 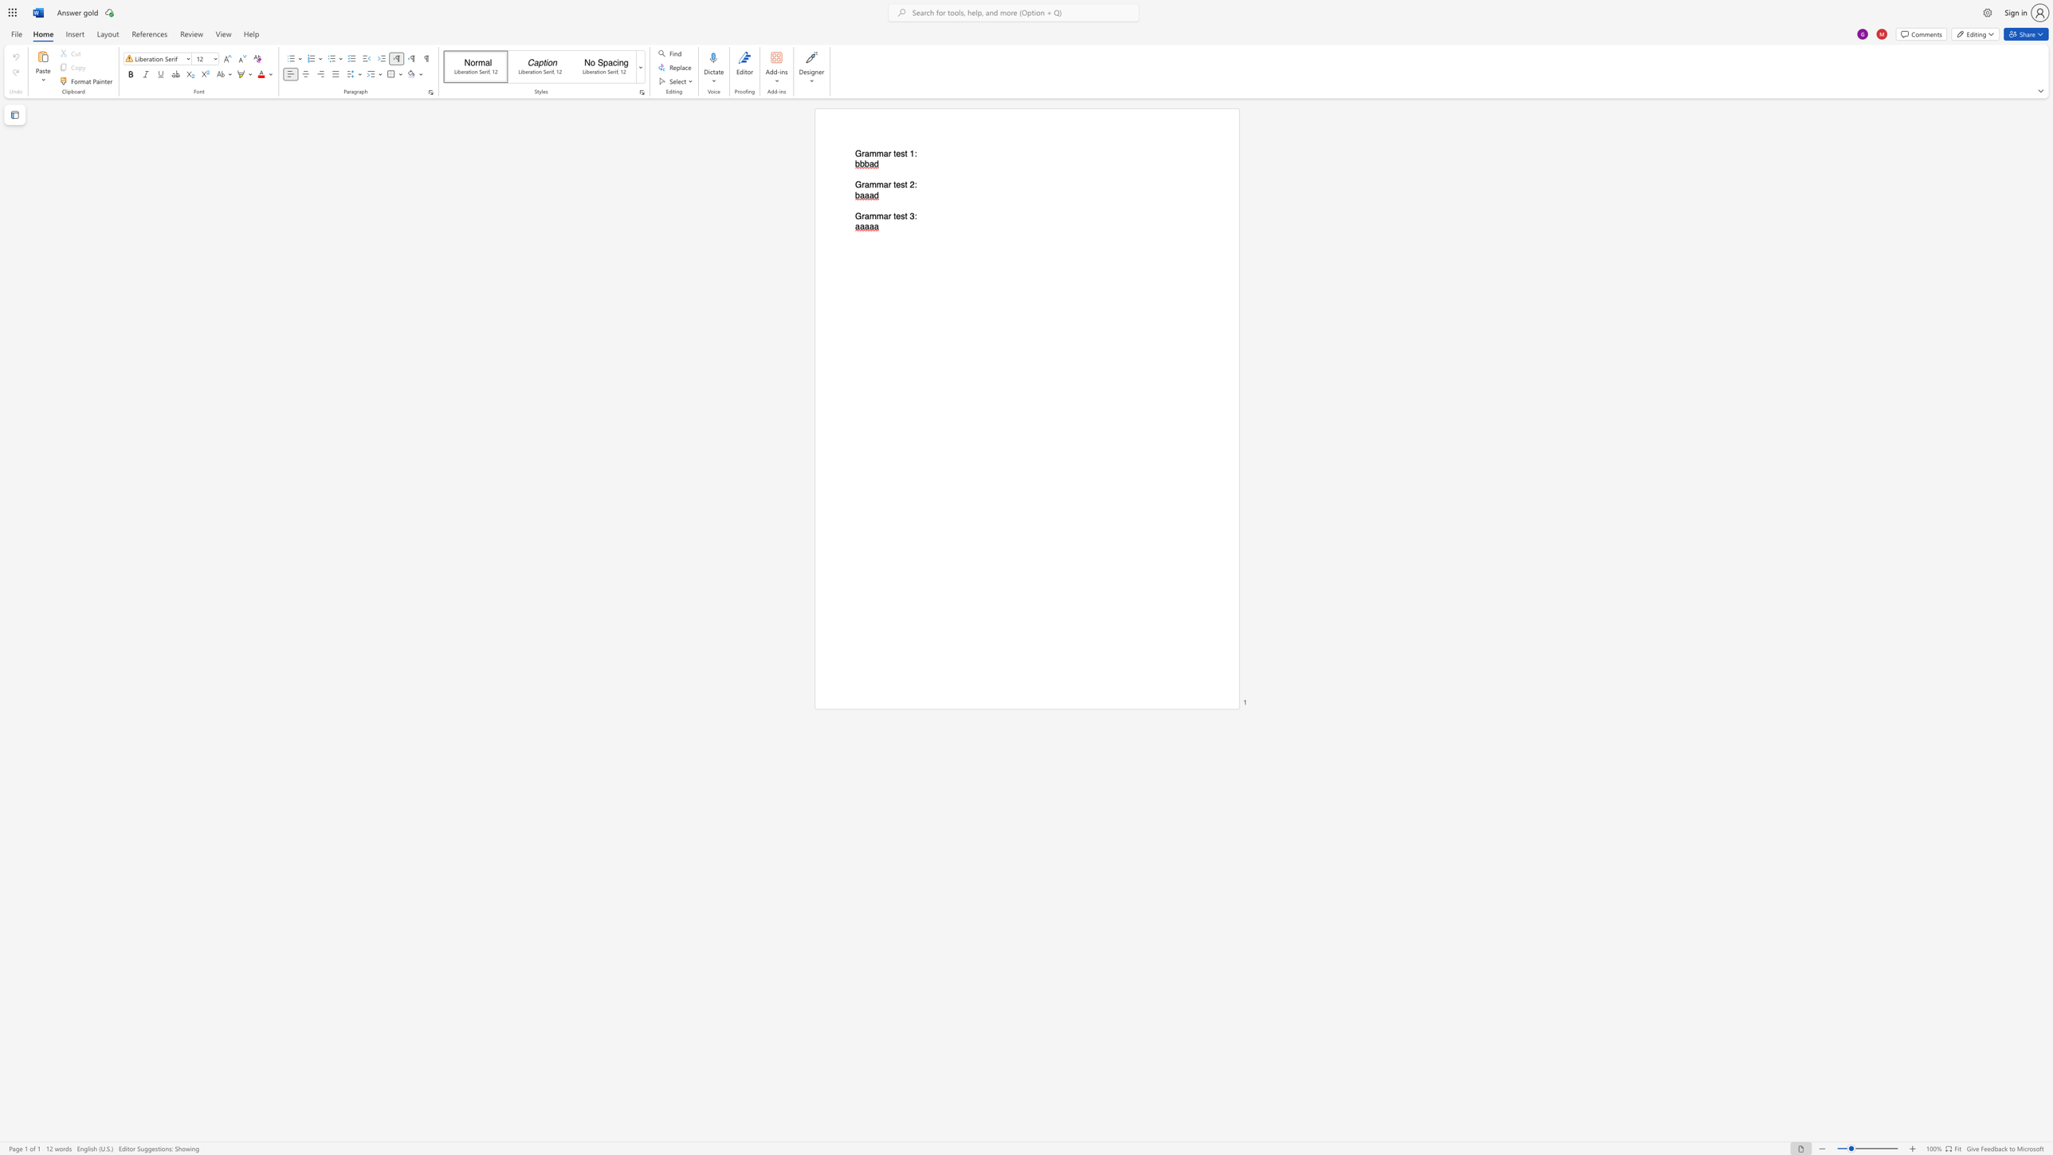 I want to click on the 1th character "m" in the text, so click(x=873, y=184).